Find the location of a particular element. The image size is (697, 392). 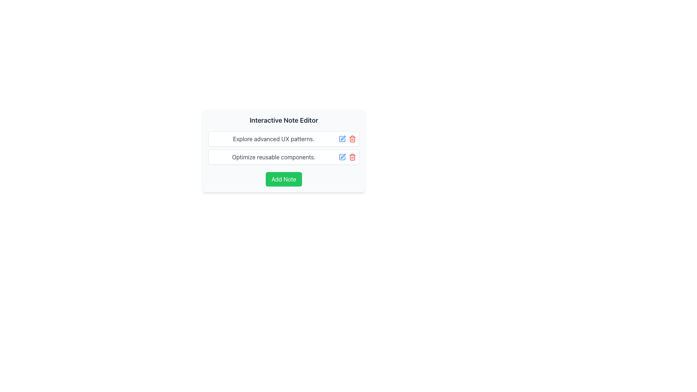

the 'Add Note' button located at the bottom of the card containing the notes is located at coordinates (284, 179).